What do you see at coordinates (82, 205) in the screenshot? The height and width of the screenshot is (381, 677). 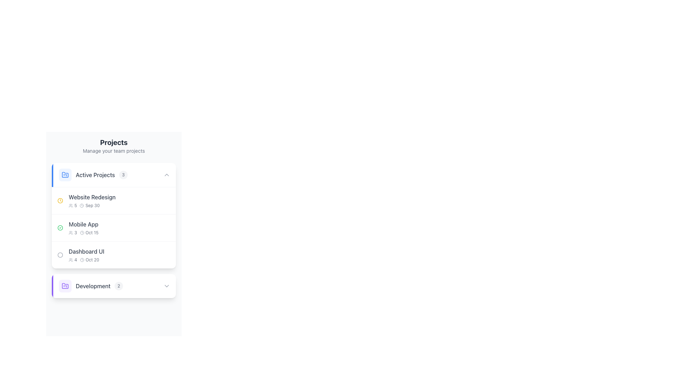 I see `the circular SVG graphic component that is part of the clock icon, located to the left of the 'Website Redesign' text in the 'Active Projects' section` at bounding box center [82, 205].